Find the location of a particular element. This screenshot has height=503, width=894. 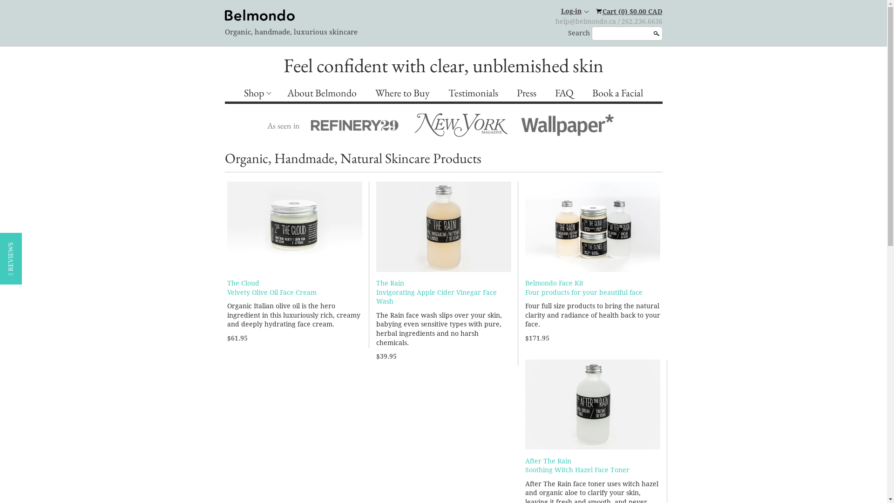

'Shop' is located at coordinates (256, 93).